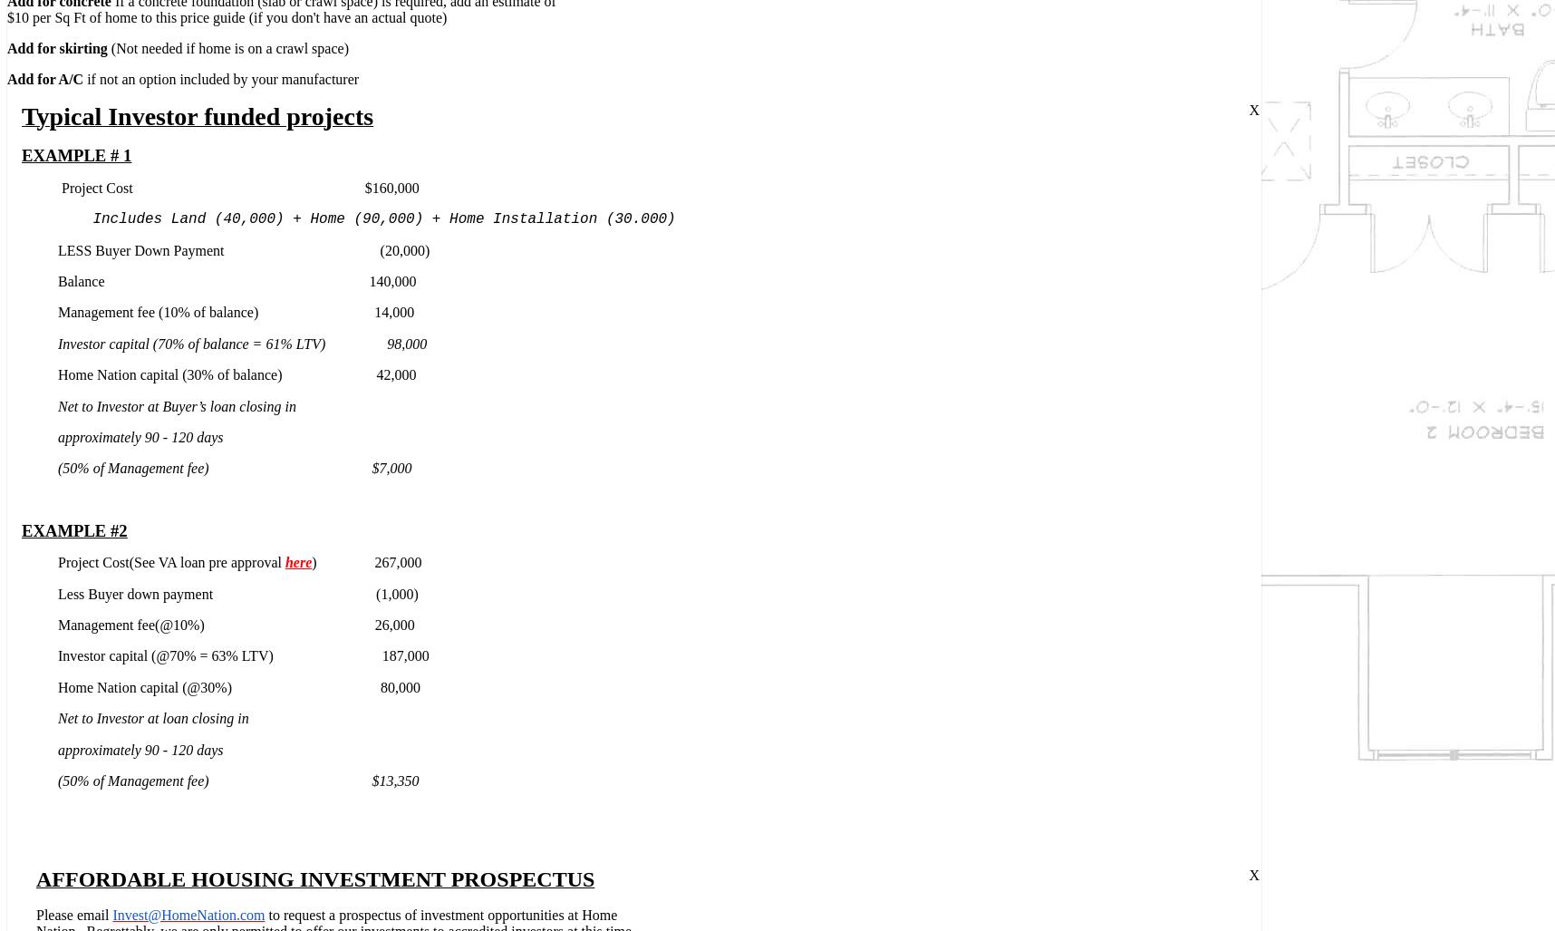 The width and height of the screenshot is (1555, 931). Describe the element at coordinates (227, 48) in the screenshot. I see `'(Not needed if home is on a crawl space)'` at that location.